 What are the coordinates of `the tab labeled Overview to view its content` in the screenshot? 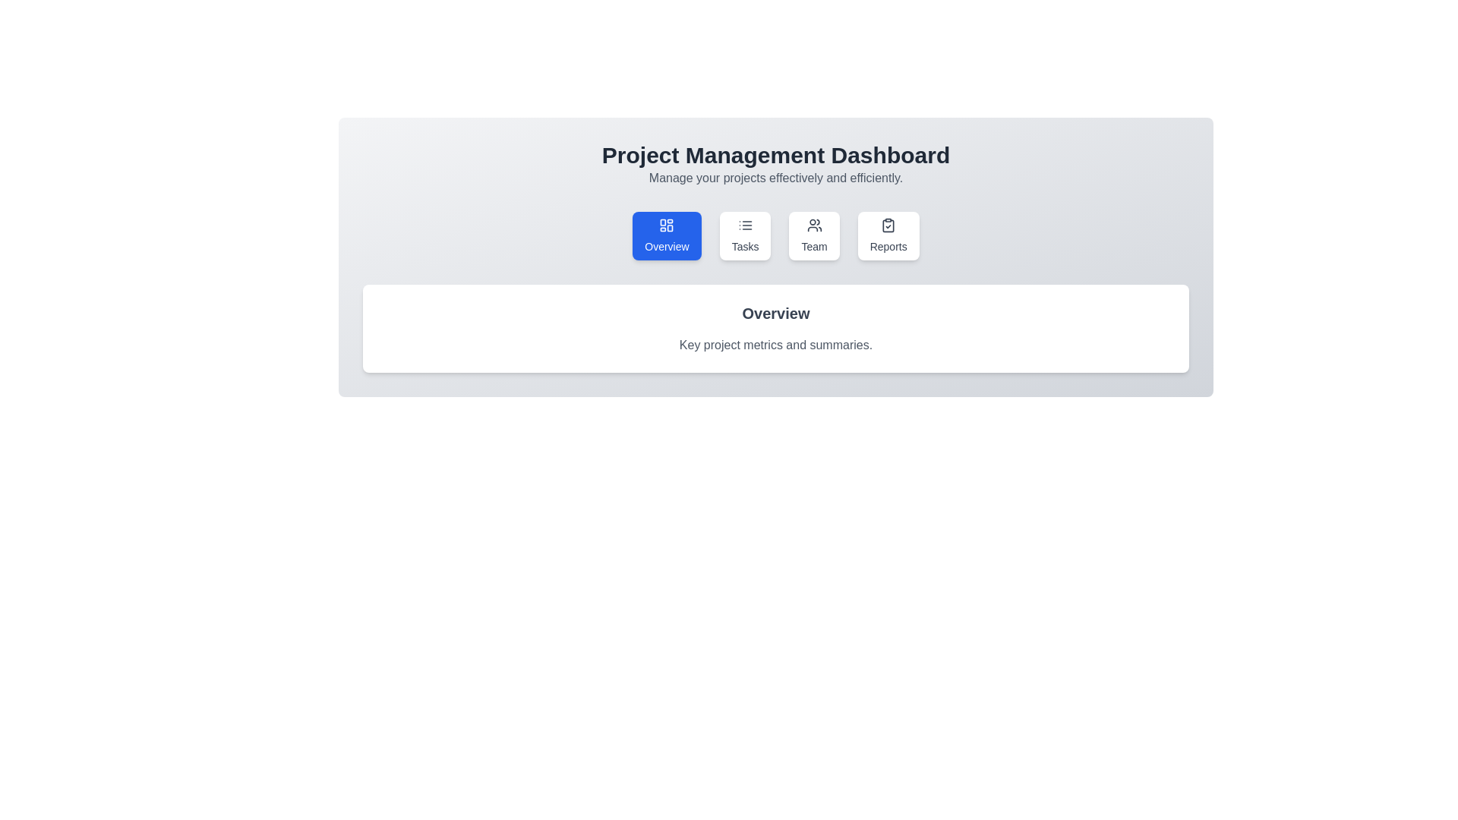 It's located at (667, 236).